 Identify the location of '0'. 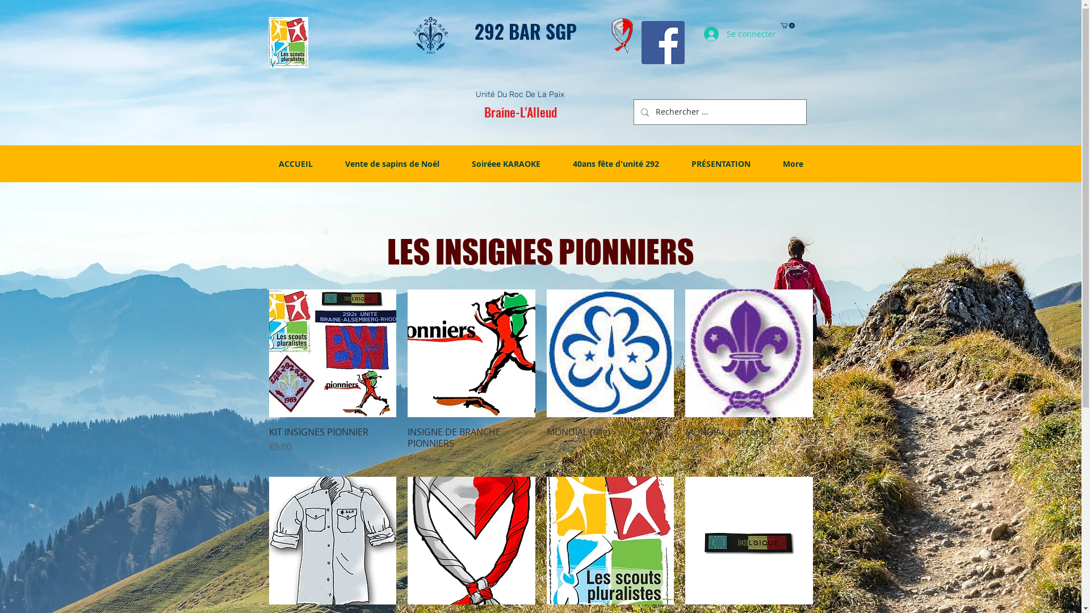
(786, 26).